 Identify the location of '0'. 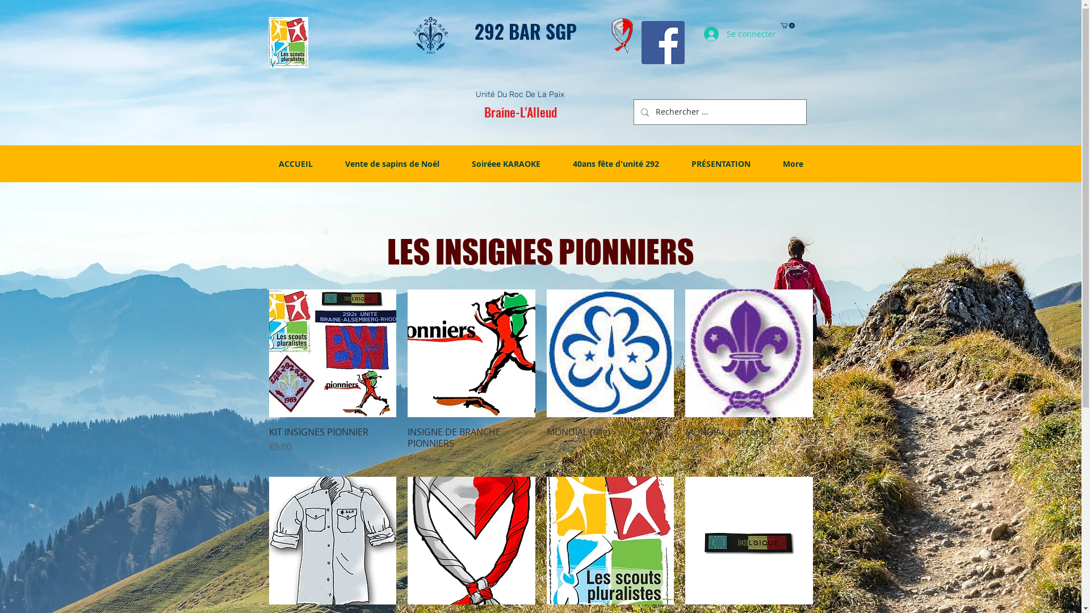
(786, 26).